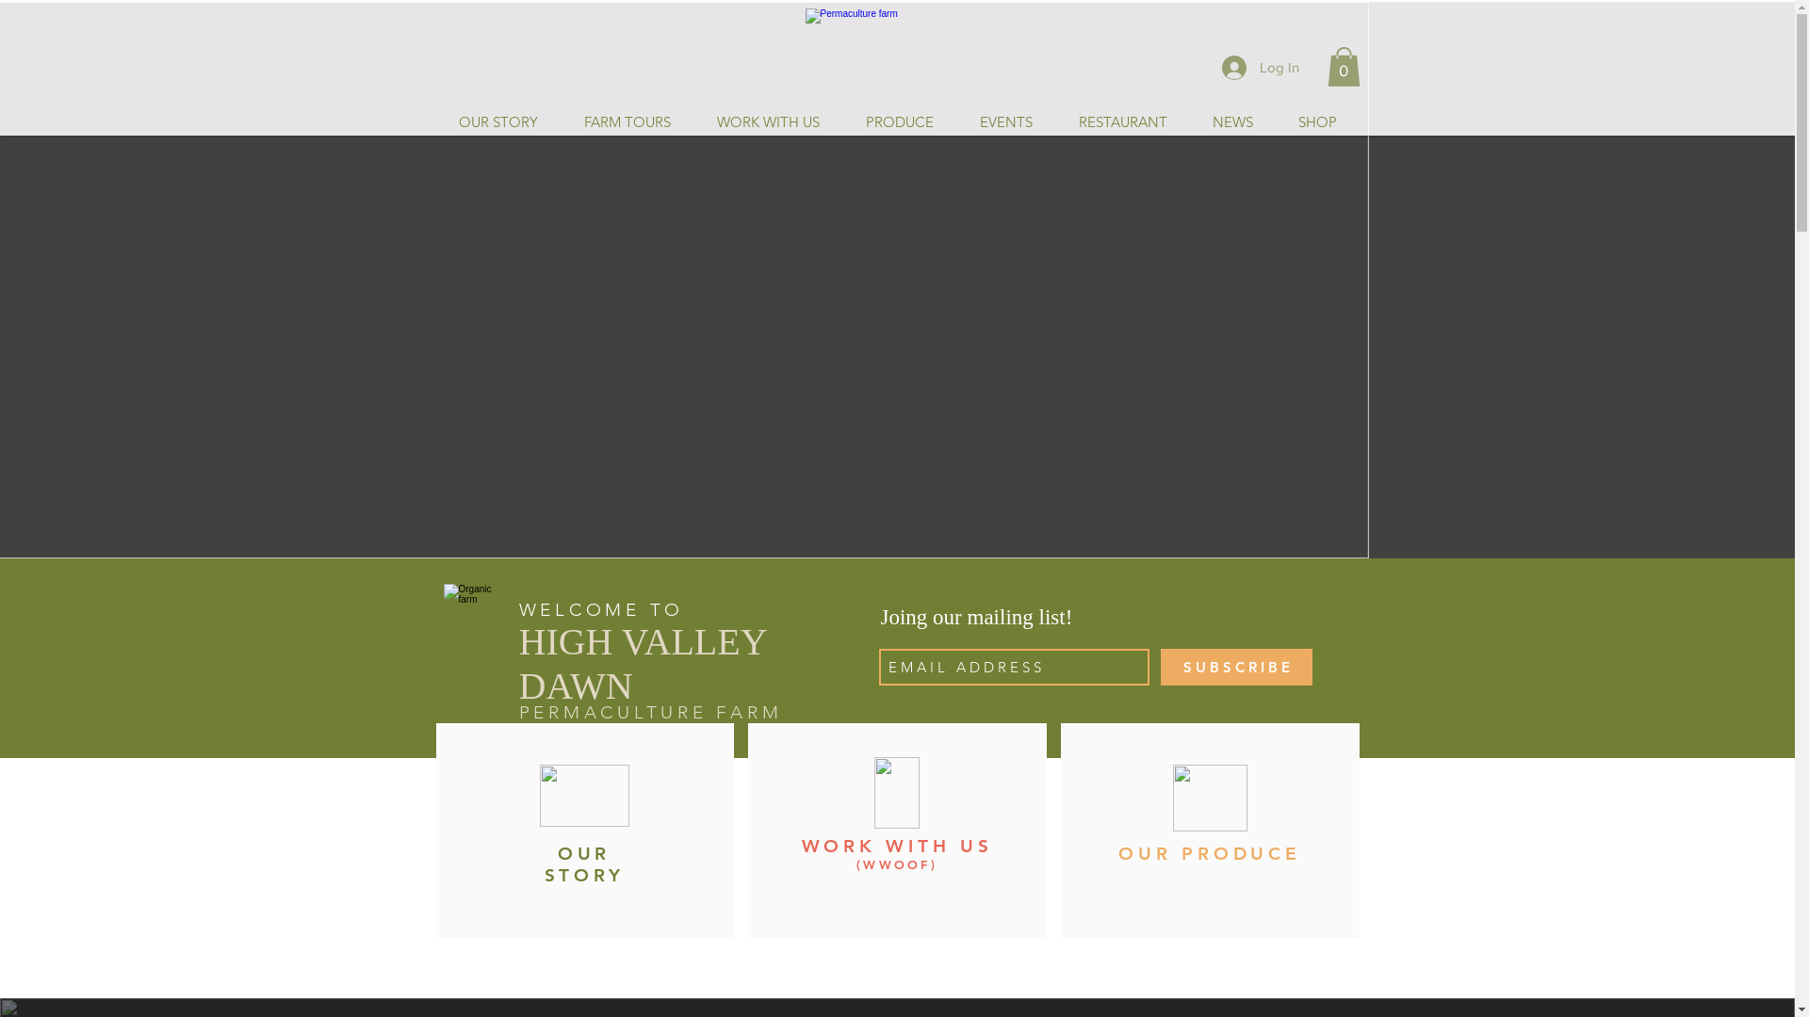 Image resolution: width=1809 pixels, height=1017 pixels. I want to click on 'OUR STORY', so click(497, 122).